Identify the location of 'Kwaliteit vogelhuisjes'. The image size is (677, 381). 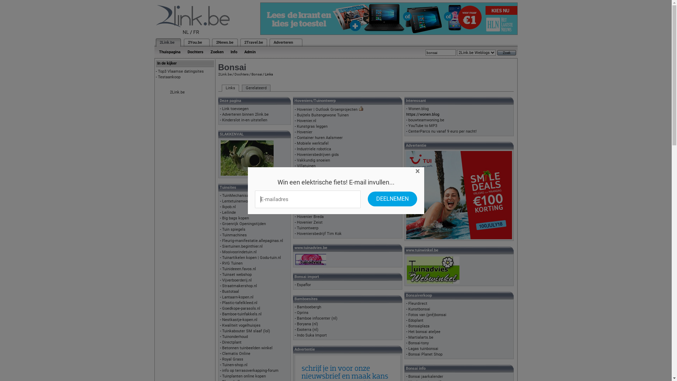
(241, 325).